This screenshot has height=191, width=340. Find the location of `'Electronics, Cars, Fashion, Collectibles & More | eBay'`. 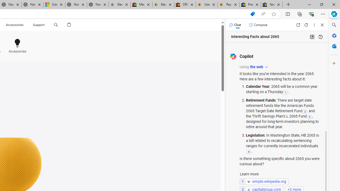

'Electronics, Cars, Fashion, Collectibles & More | eBay' is located at coordinates (163, 5).